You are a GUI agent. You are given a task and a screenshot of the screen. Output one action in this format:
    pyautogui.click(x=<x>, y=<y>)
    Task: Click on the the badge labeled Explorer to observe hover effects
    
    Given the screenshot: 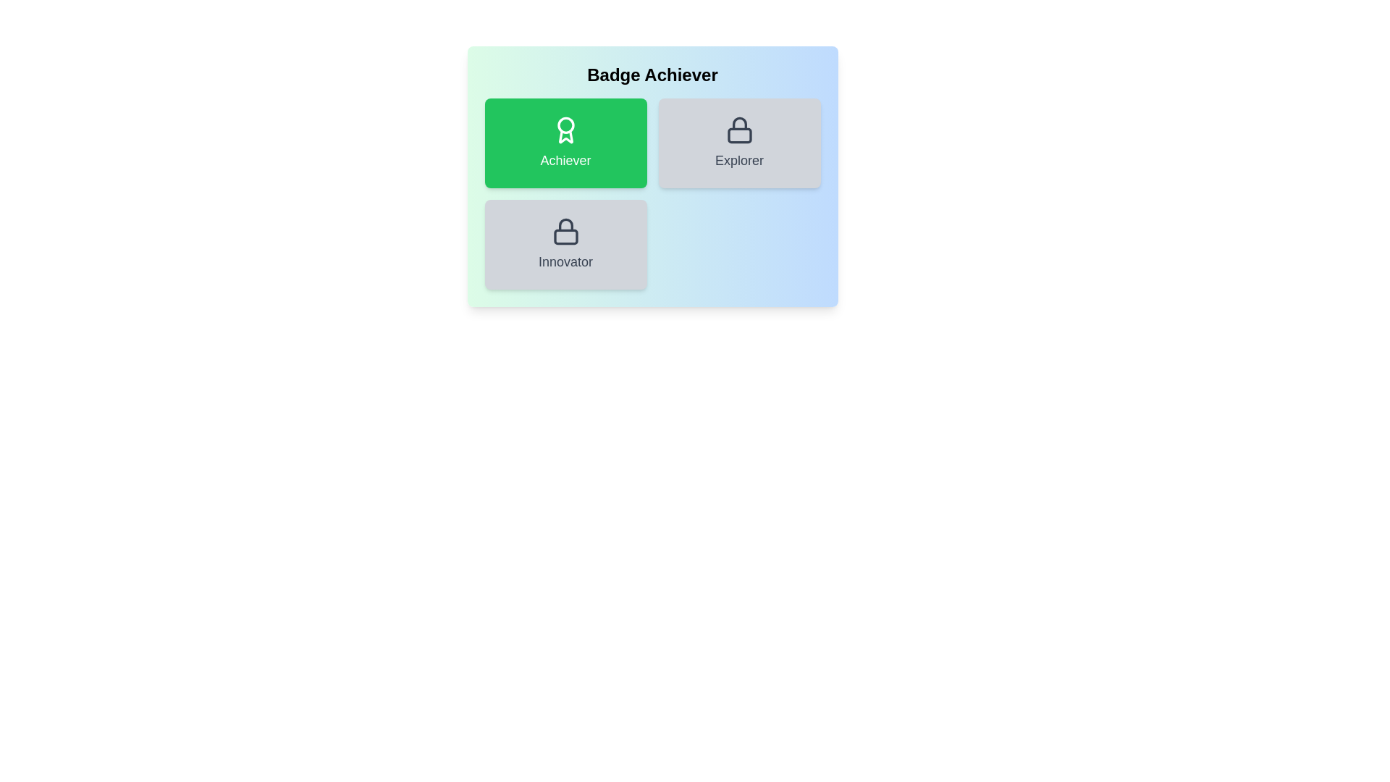 What is the action you would take?
    pyautogui.click(x=739, y=143)
    